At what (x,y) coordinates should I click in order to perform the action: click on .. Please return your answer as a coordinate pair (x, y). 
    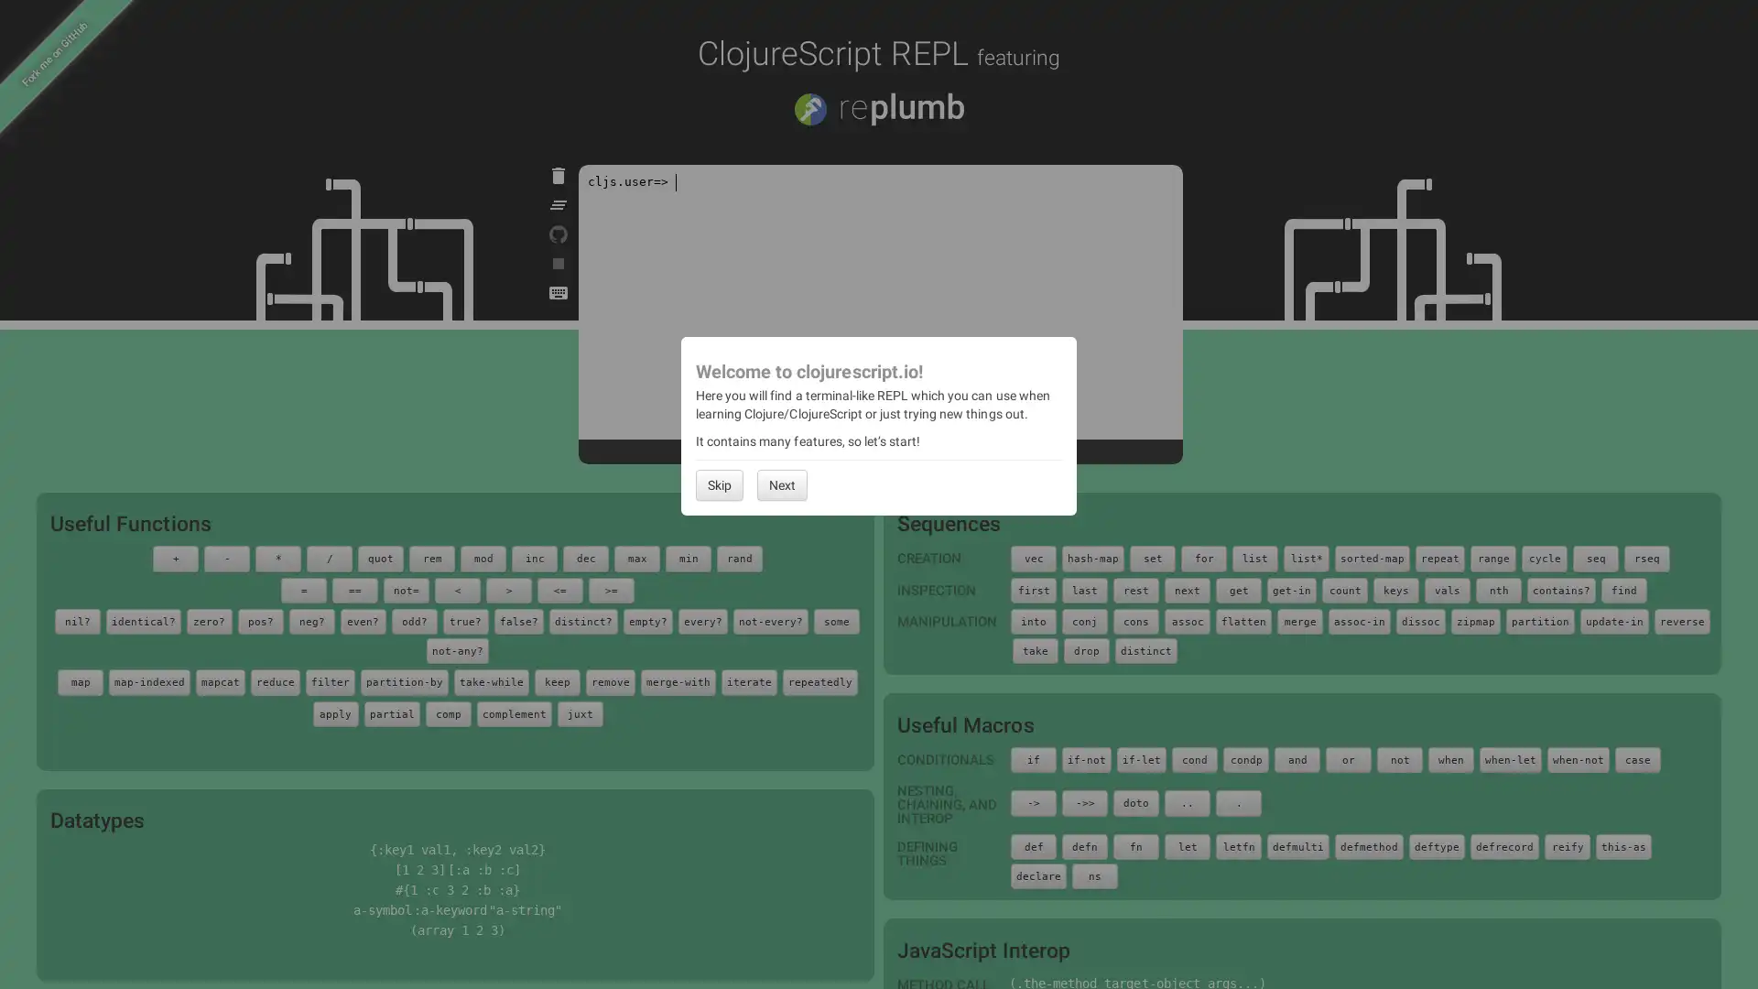
    Looking at the image, I should click on (1239, 801).